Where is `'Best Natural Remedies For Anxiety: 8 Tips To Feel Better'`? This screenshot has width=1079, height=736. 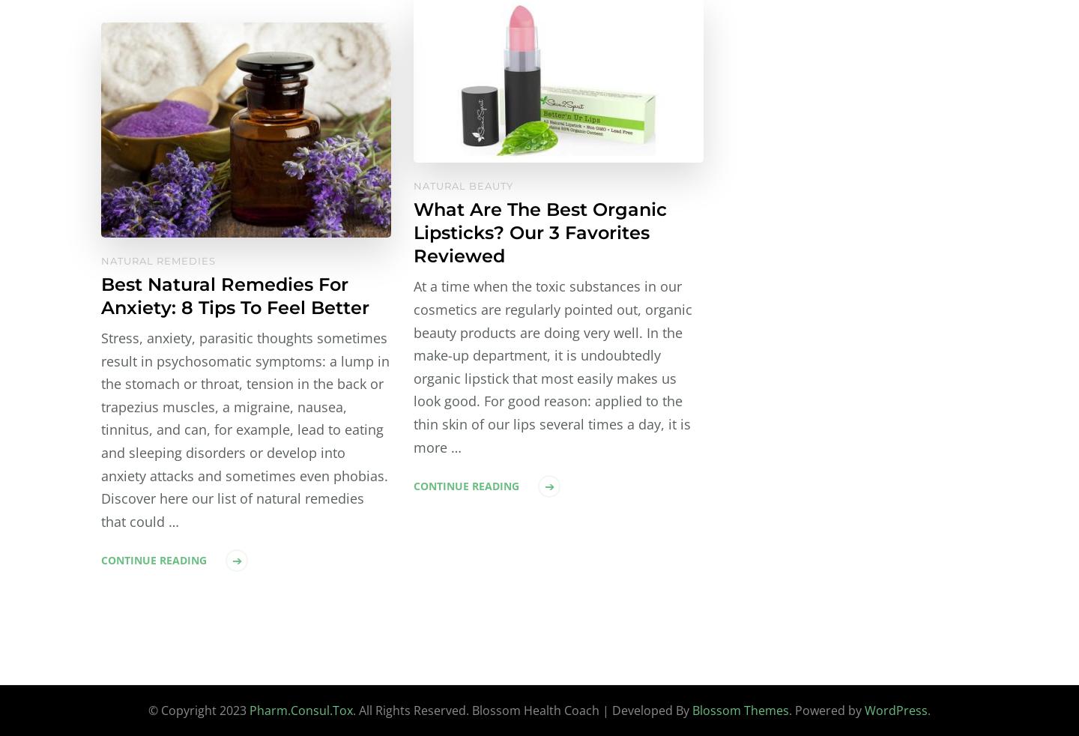 'Best Natural Remedies For Anxiety: 8 Tips To Feel Better' is located at coordinates (235, 295).